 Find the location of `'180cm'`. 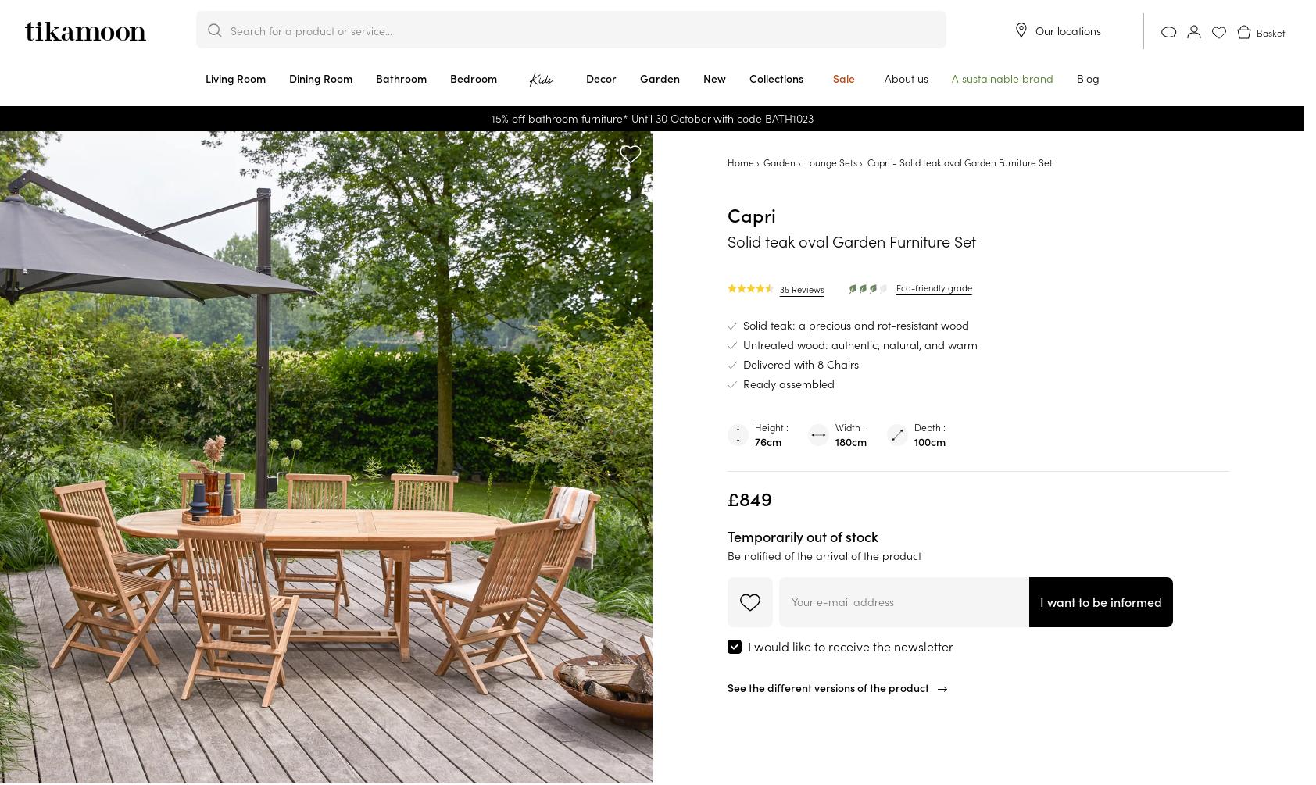

'180cm' is located at coordinates (851, 441).